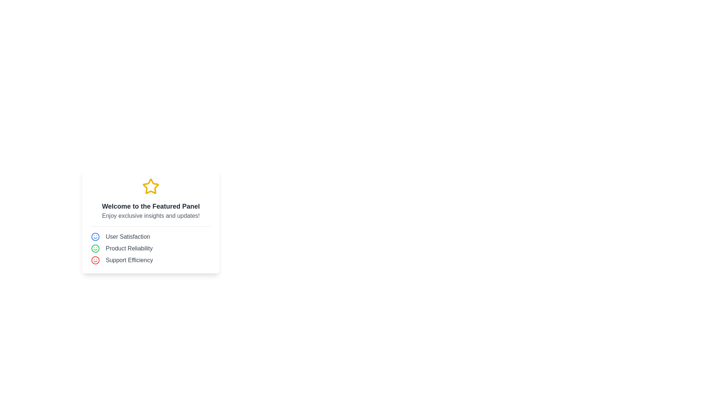 The width and height of the screenshot is (705, 396). What do you see at coordinates (151, 245) in the screenshot?
I see `the visual icons associated with the 'Product Reliability' item in the List with icon-text pairs located at the lower section of the 'Welcome to the Featured Panel'` at bounding box center [151, 245].